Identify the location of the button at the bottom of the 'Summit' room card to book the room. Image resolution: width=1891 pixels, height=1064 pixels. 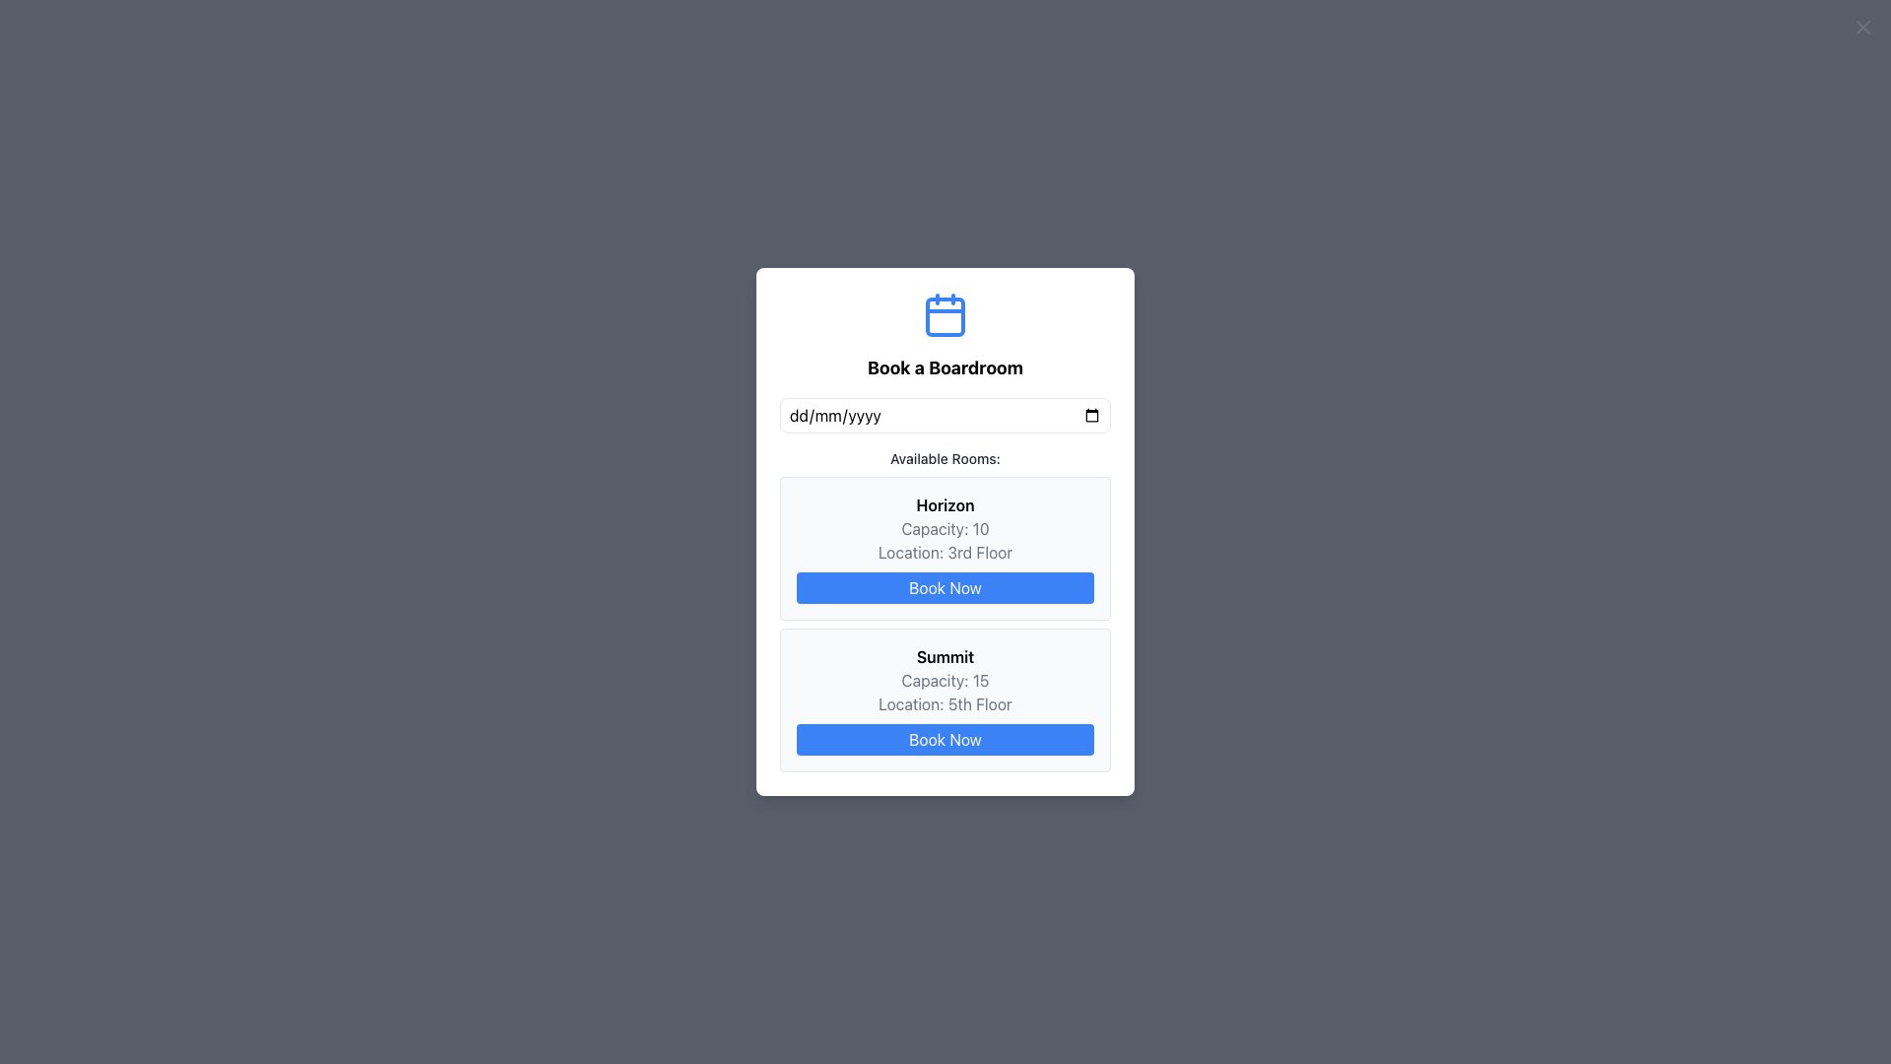
(945, 740).